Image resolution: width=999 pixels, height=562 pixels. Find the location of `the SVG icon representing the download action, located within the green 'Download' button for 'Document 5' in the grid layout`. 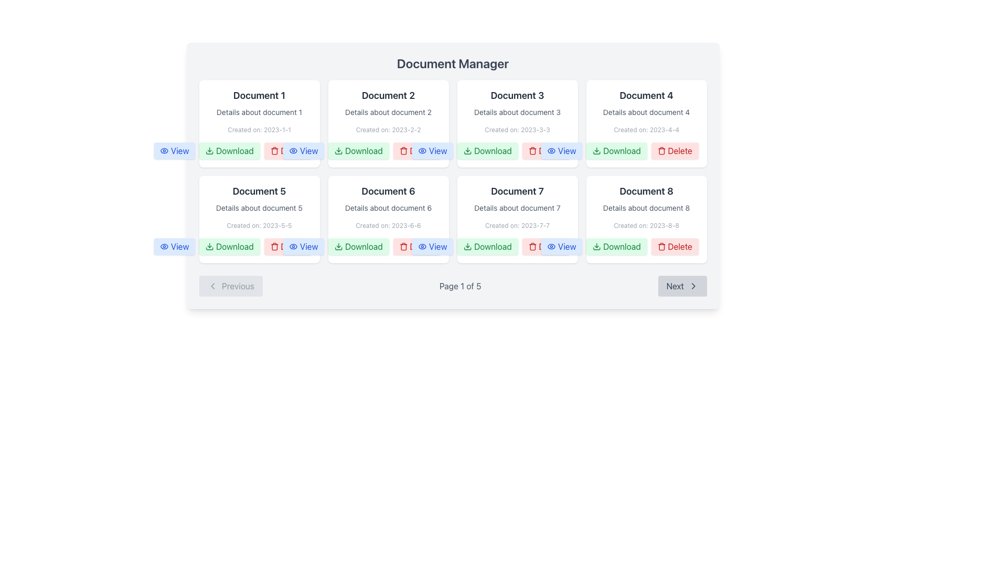

the SVG icon representing the download action, located within the green 'Download' button for 'Document 5' in the grid layout is located at coordinates (209, 247).